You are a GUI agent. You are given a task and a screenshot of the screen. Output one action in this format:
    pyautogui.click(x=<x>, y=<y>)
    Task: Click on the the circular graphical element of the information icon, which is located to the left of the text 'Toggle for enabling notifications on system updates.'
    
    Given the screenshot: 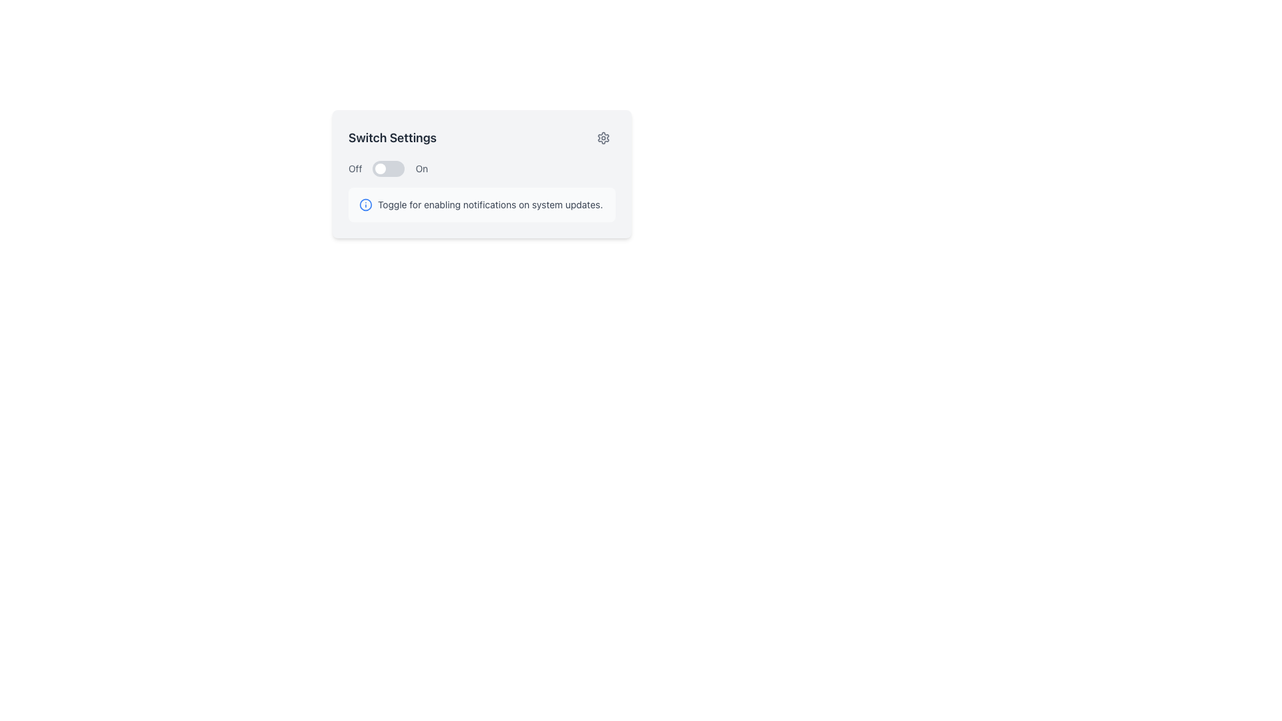 What is the action you would take?
    pyautogui.click(x=365, y=205)
    